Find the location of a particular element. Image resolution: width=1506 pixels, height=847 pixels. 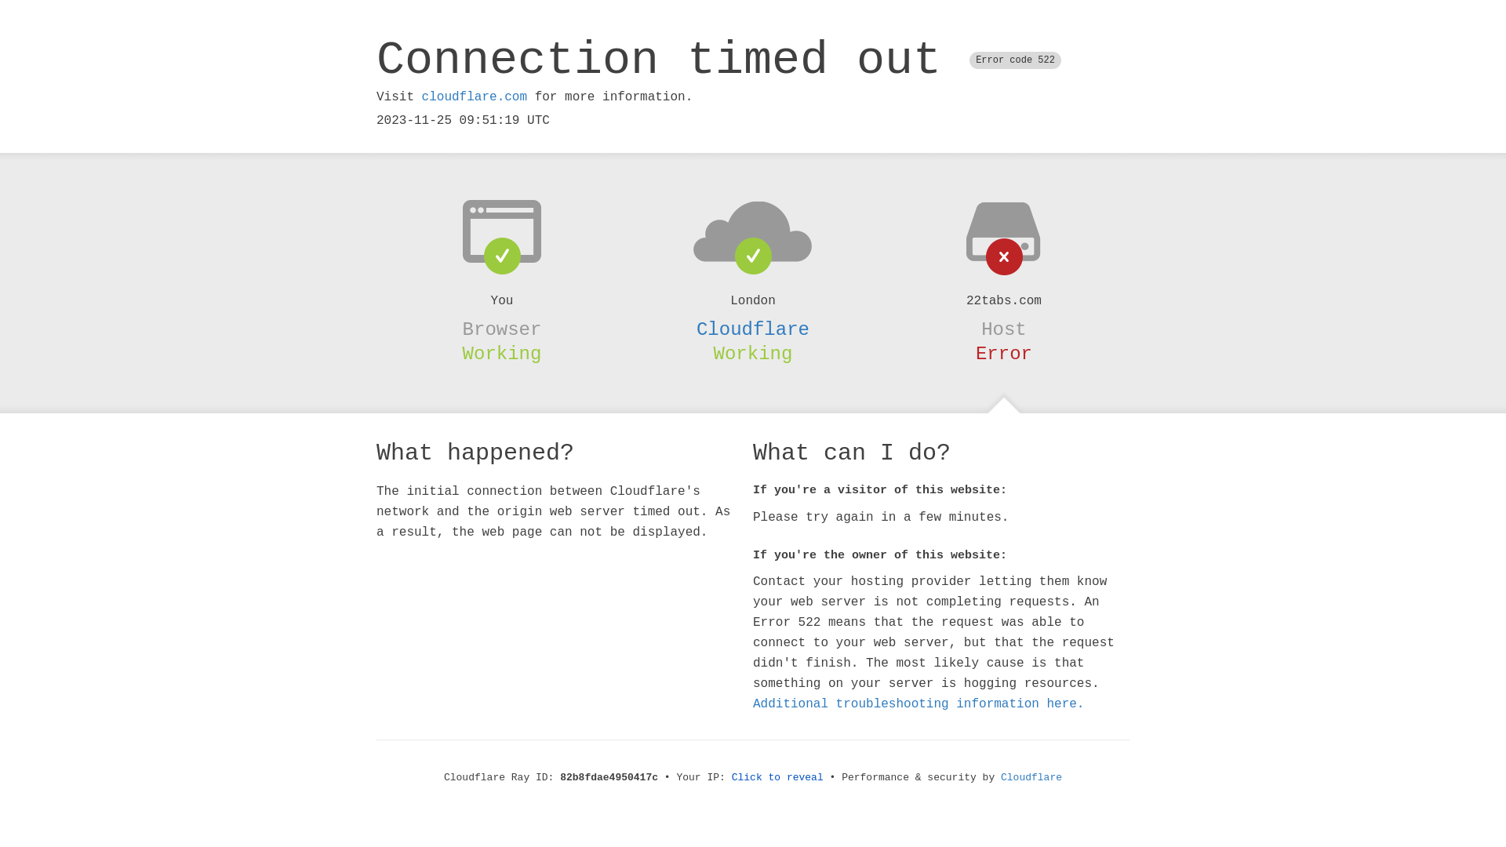

'Cloudflare' is located at coordinates (1031, 777).